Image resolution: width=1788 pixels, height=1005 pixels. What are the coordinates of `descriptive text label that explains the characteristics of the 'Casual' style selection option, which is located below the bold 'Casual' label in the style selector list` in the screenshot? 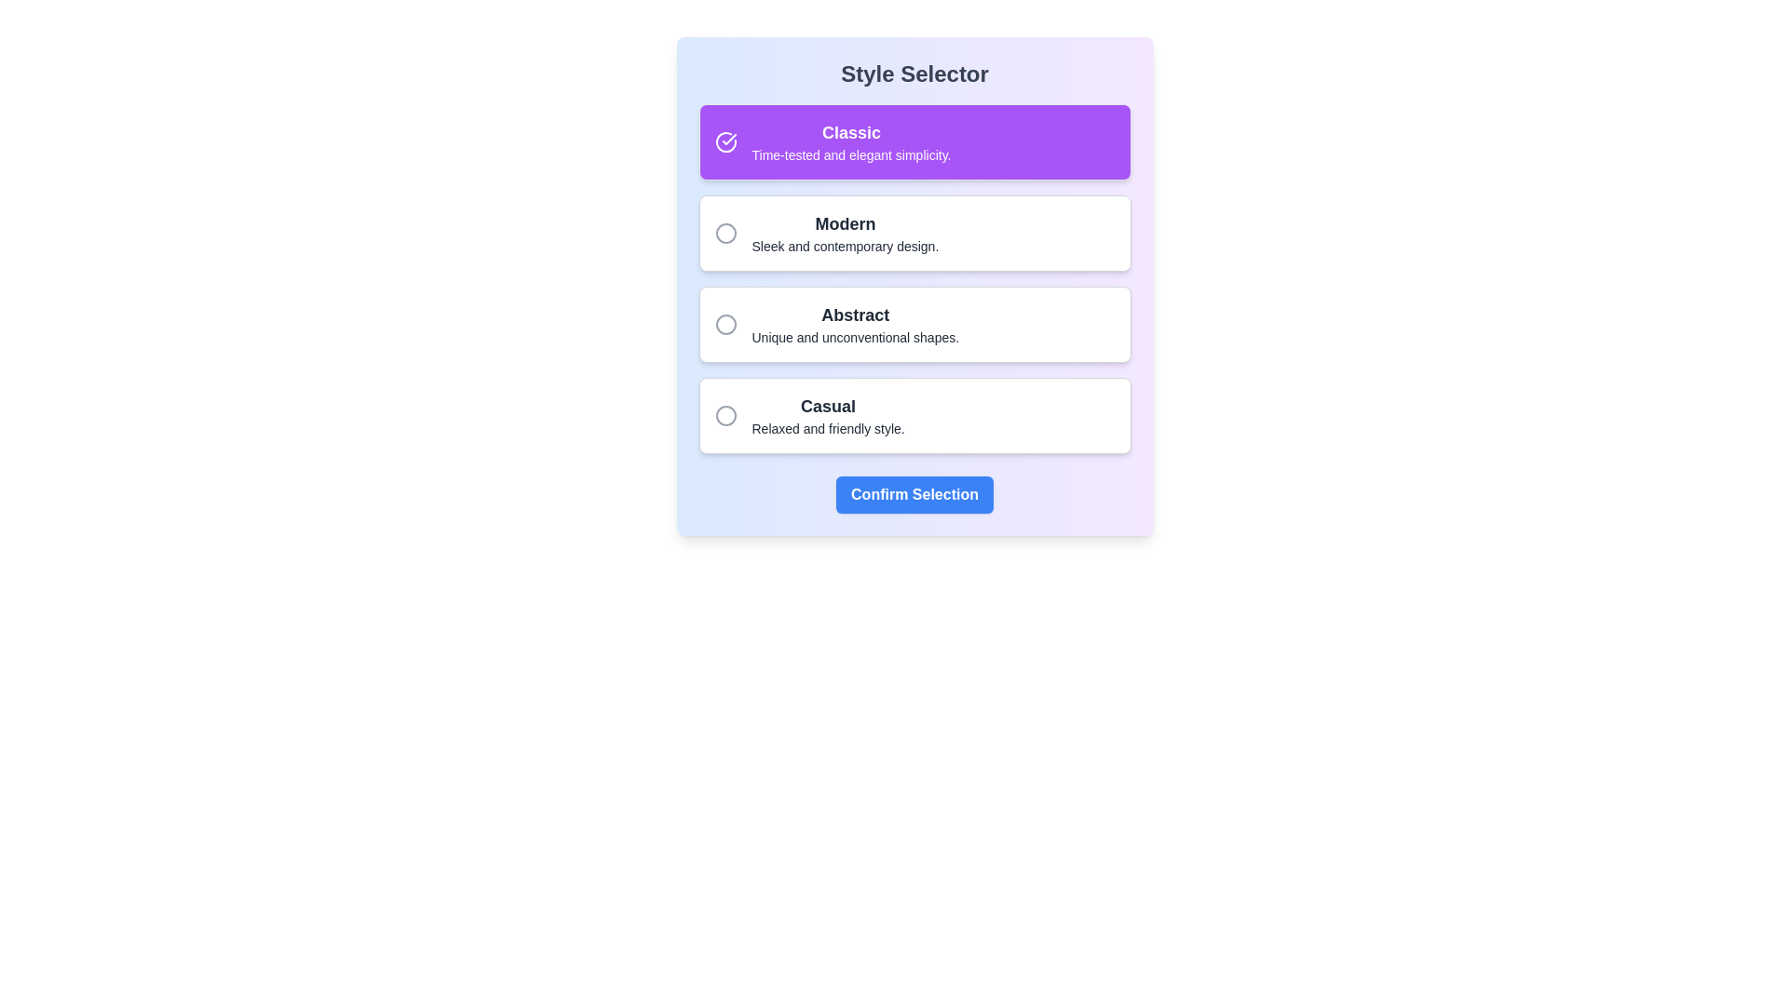 It's located at (827, 429).